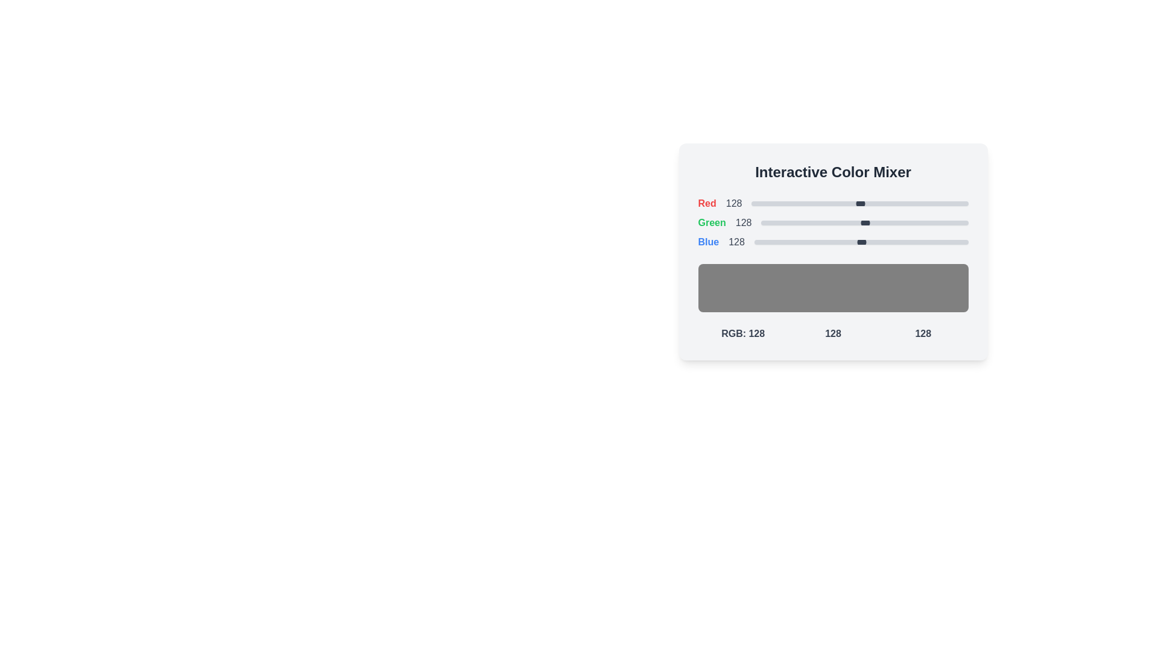 The width and height of the screenshot is (1158, 651). I want to click on the Blue component, so click(803, 242).